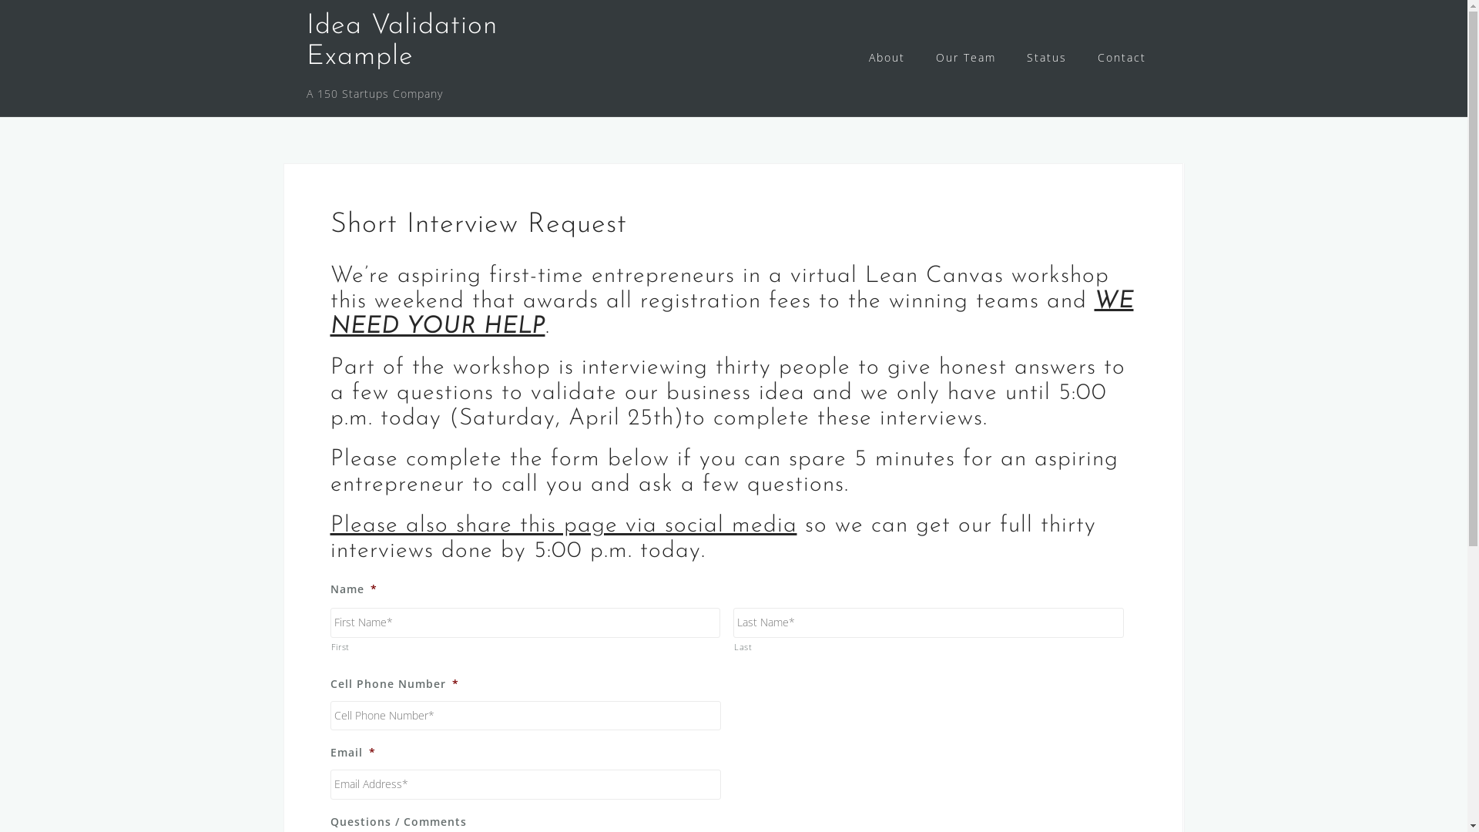 The width and height of the screenshot is (1479, 832). Describe the element at coordinates (402, 41) in the screenshot. I see `'Idea Validation Example'` at that location.